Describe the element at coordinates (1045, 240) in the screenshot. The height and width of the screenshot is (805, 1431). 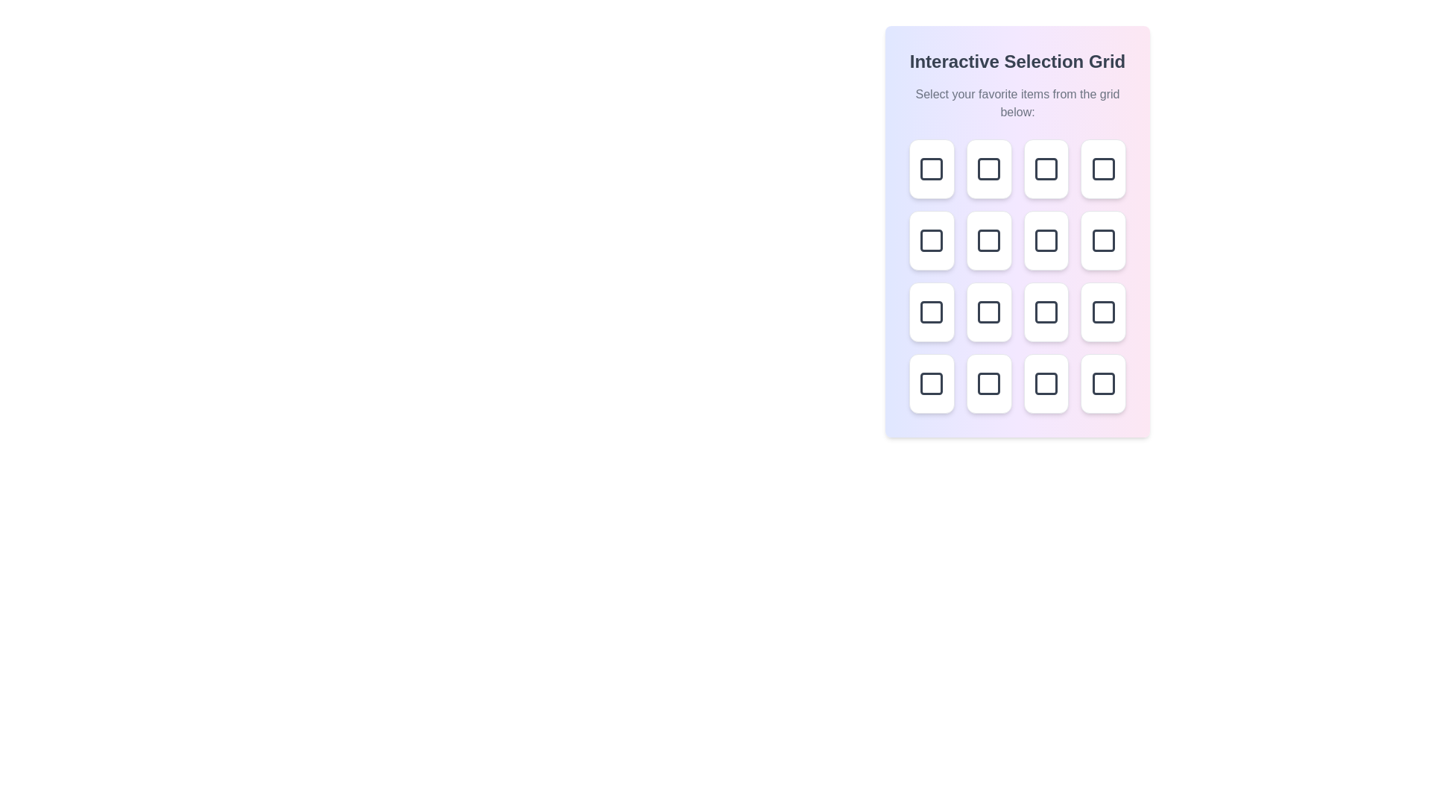
I see `the square button with a bordered outline and inner grid design located in the third column, third row of the grid` at that location.